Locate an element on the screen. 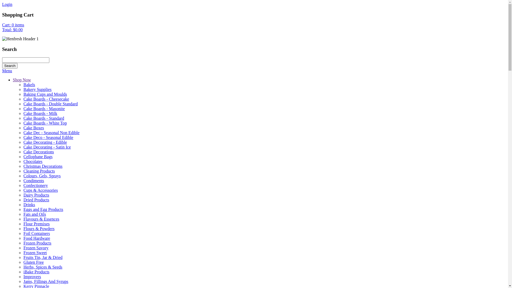 The width and height of the screenshot is (512, 288). 'Food Hardware' is located at coordinates (37, 238).